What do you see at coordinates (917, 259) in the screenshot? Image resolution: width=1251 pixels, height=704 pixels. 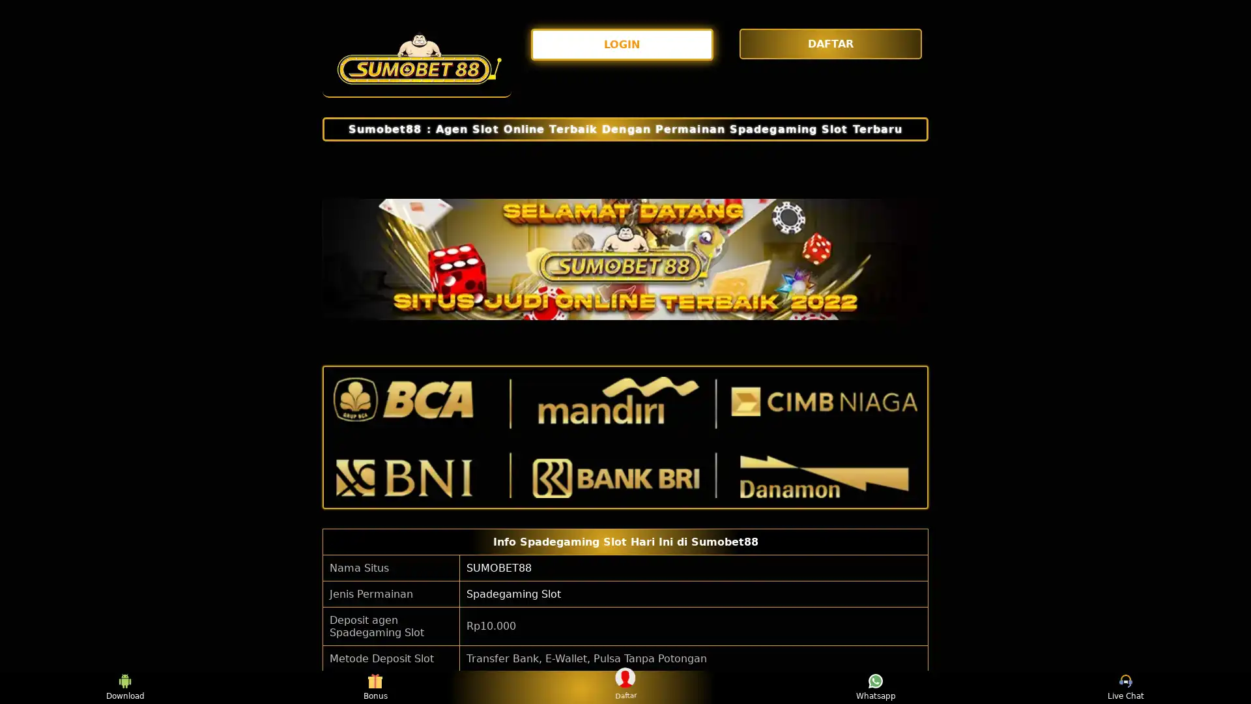 I see `Next item in carousel (1 of 1)` at bounding box center [917, 259].